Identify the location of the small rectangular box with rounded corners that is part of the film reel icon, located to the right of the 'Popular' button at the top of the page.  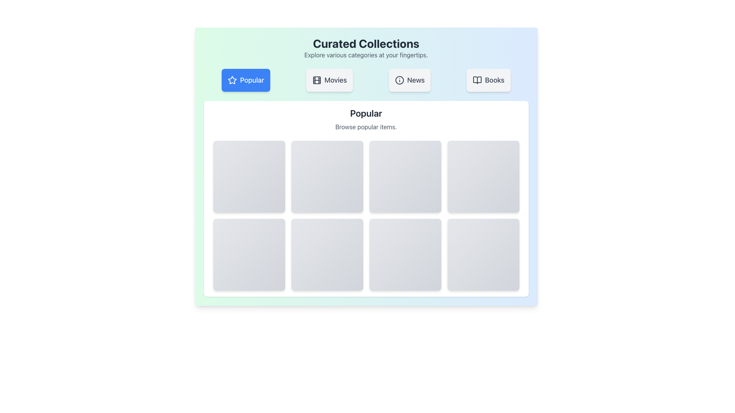
(317, 80).